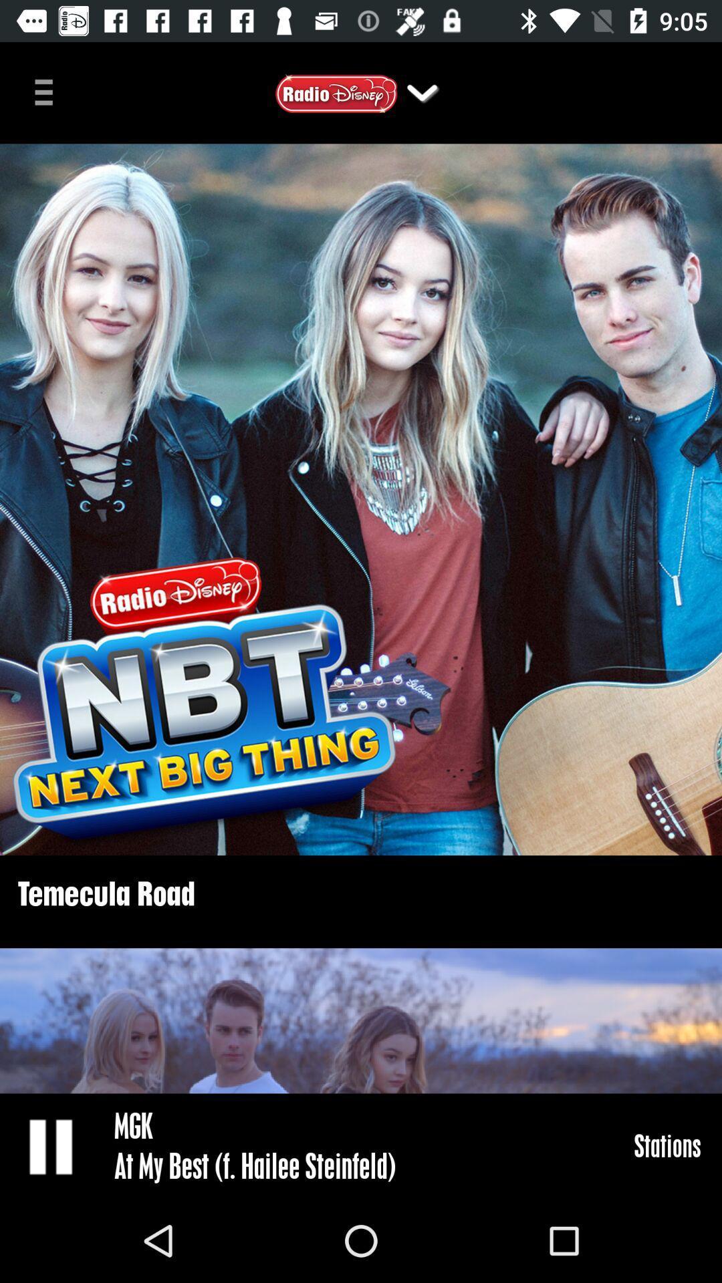  Describe the element at coordinates (51, 1145) in the screenshot. I see `icon next to the mgk` at that location.